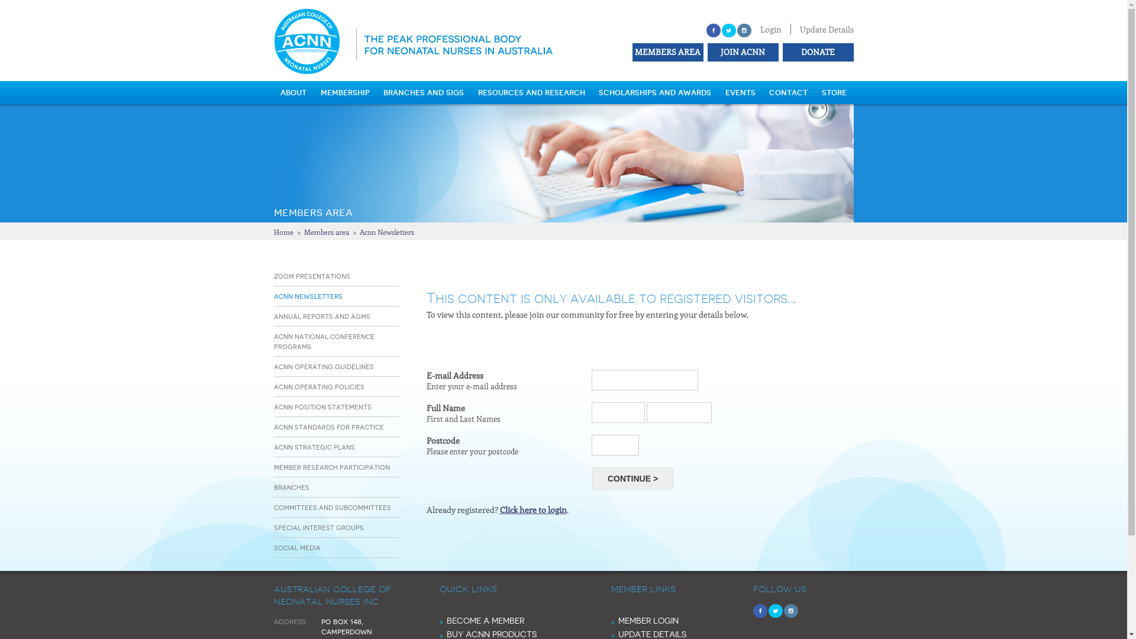  What do you see at coordinates (423, 92) in the screenshot?
I see `'branches and sigs'` at bounding box center [423, 92].